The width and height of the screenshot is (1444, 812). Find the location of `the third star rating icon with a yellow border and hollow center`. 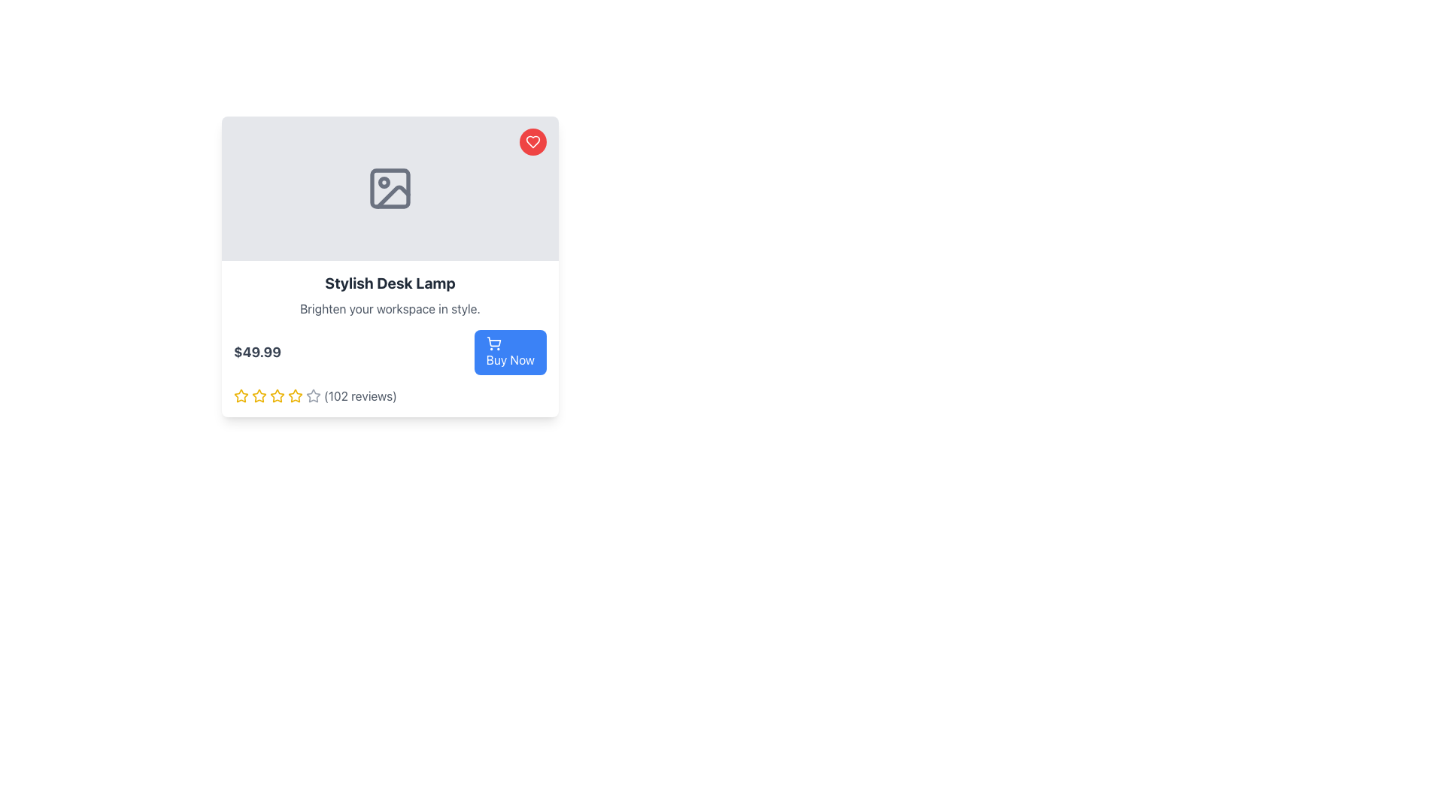

the third star rating icon with a yellow border and hollow center is located at coordinates (296, 395).